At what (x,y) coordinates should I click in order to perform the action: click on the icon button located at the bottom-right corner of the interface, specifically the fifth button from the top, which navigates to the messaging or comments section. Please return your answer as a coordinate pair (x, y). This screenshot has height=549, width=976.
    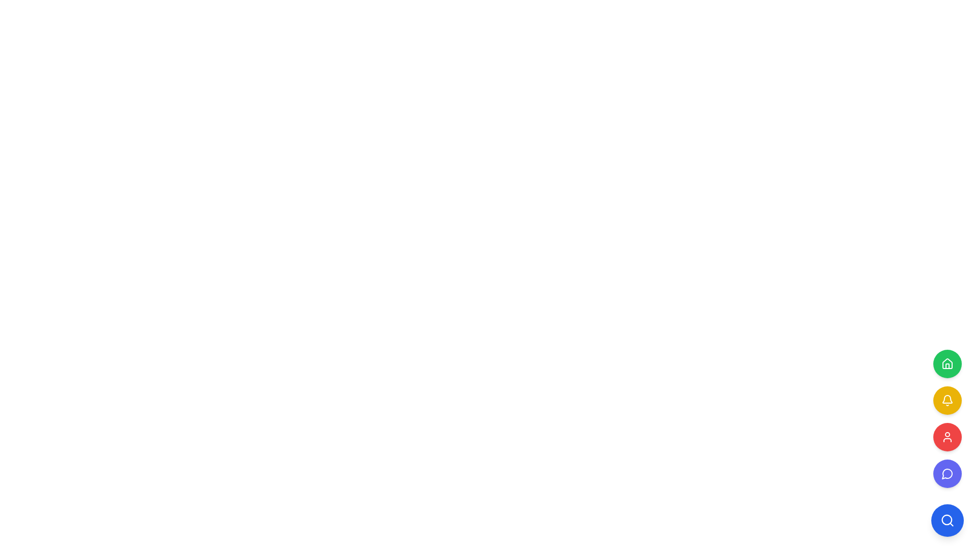
    Looking at the image, I should click on (947, 474).